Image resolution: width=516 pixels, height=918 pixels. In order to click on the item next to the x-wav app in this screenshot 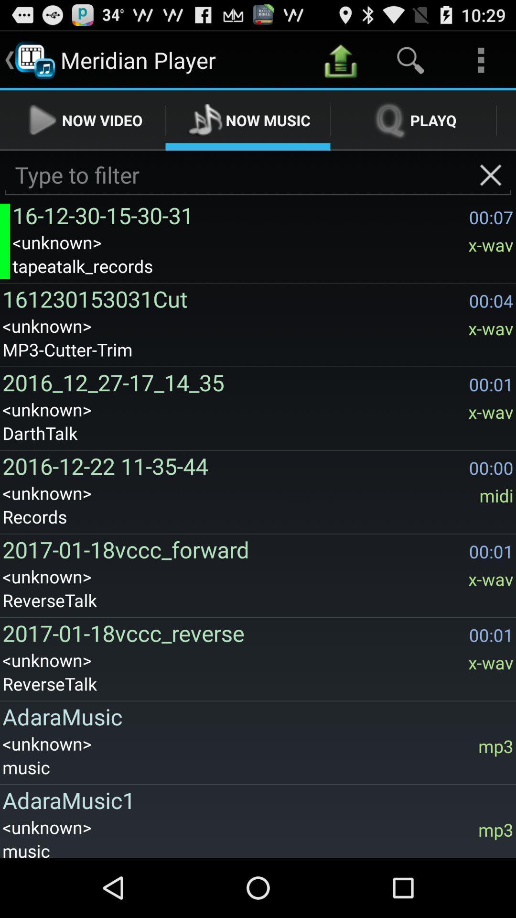, I will do `click(233, 298)`.